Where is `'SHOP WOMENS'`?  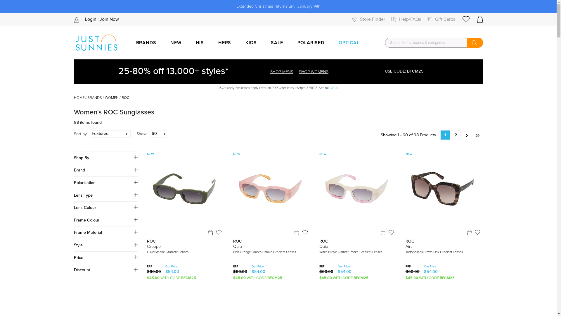 'SHOP WOMENS' is located at coordinates (313, 71).